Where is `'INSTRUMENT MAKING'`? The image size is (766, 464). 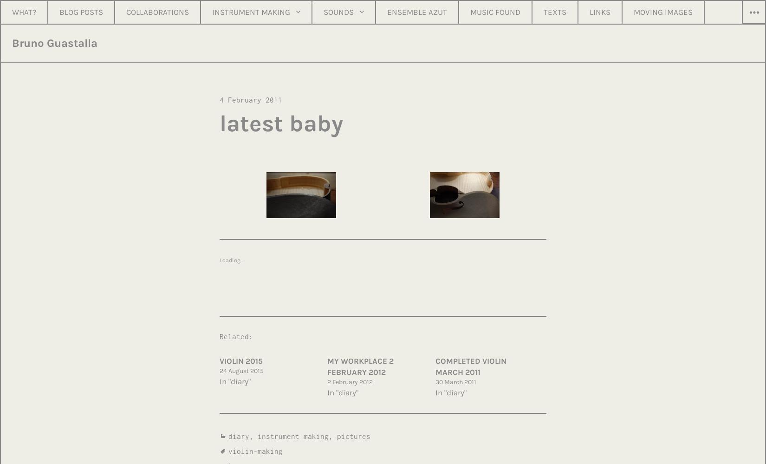 'INSTRUMENT MAKING' is located at coordinates (251, 12).